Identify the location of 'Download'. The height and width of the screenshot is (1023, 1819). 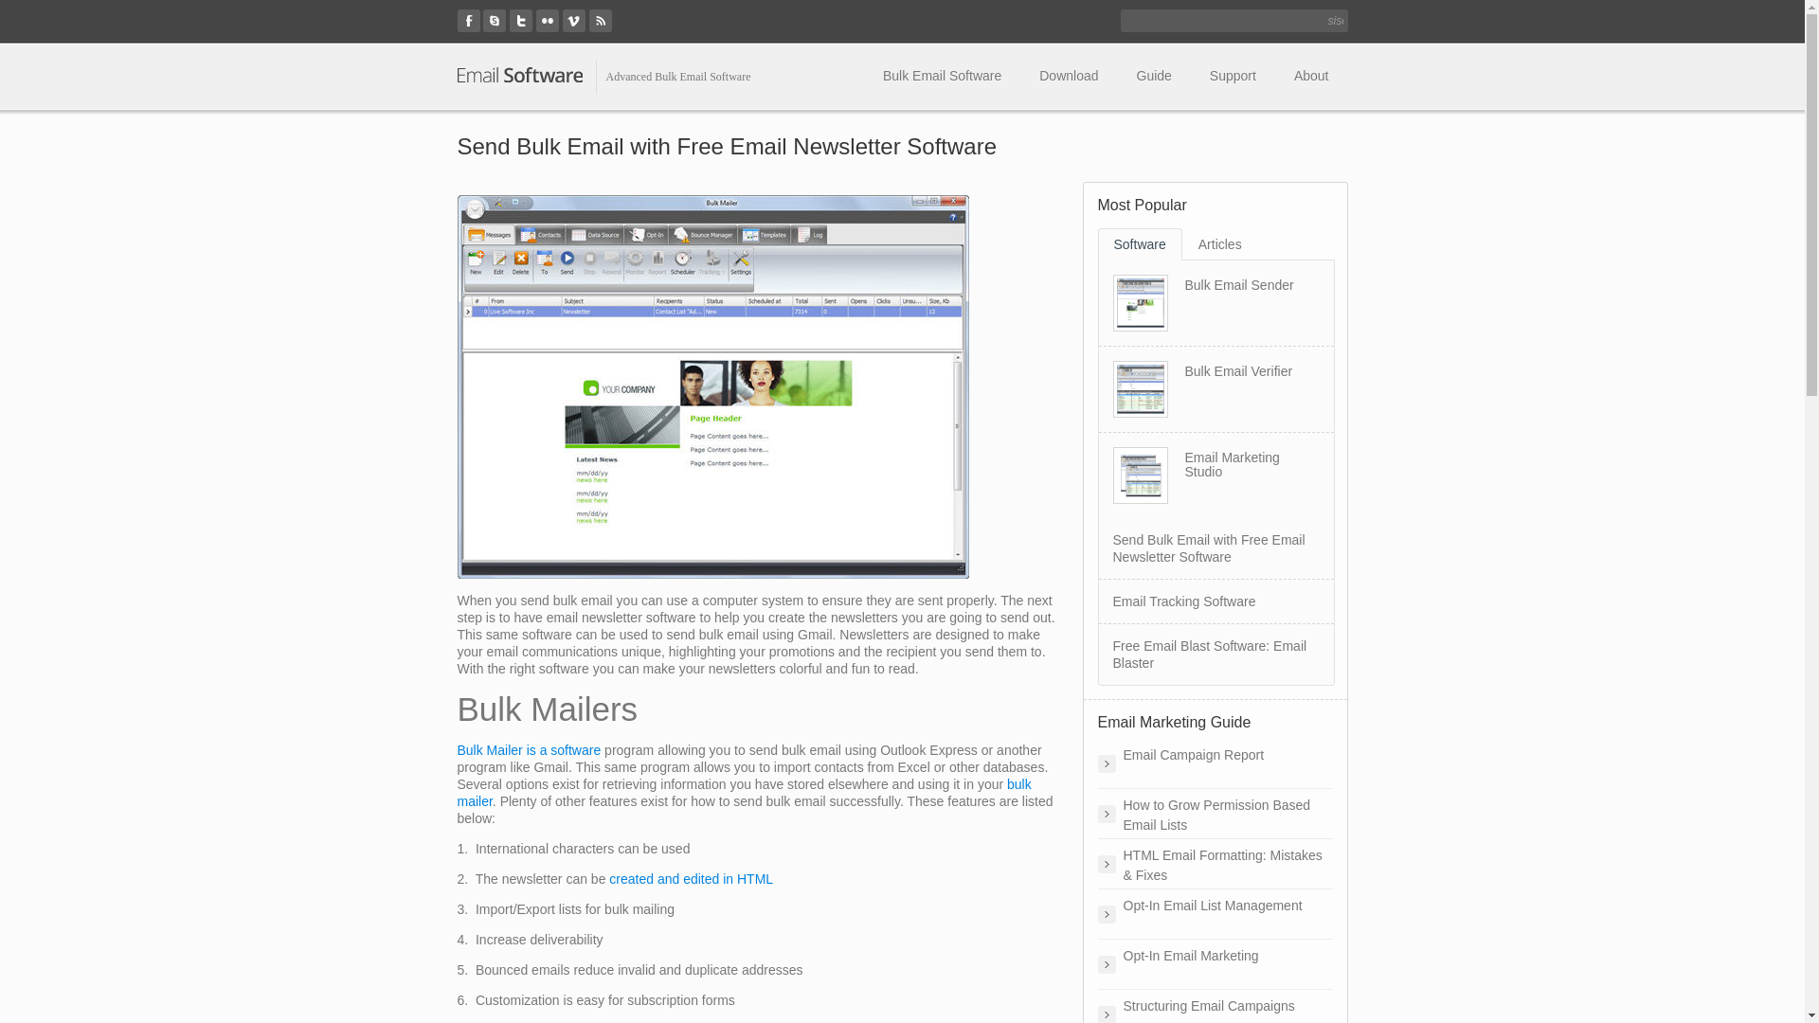
(1018, 75).